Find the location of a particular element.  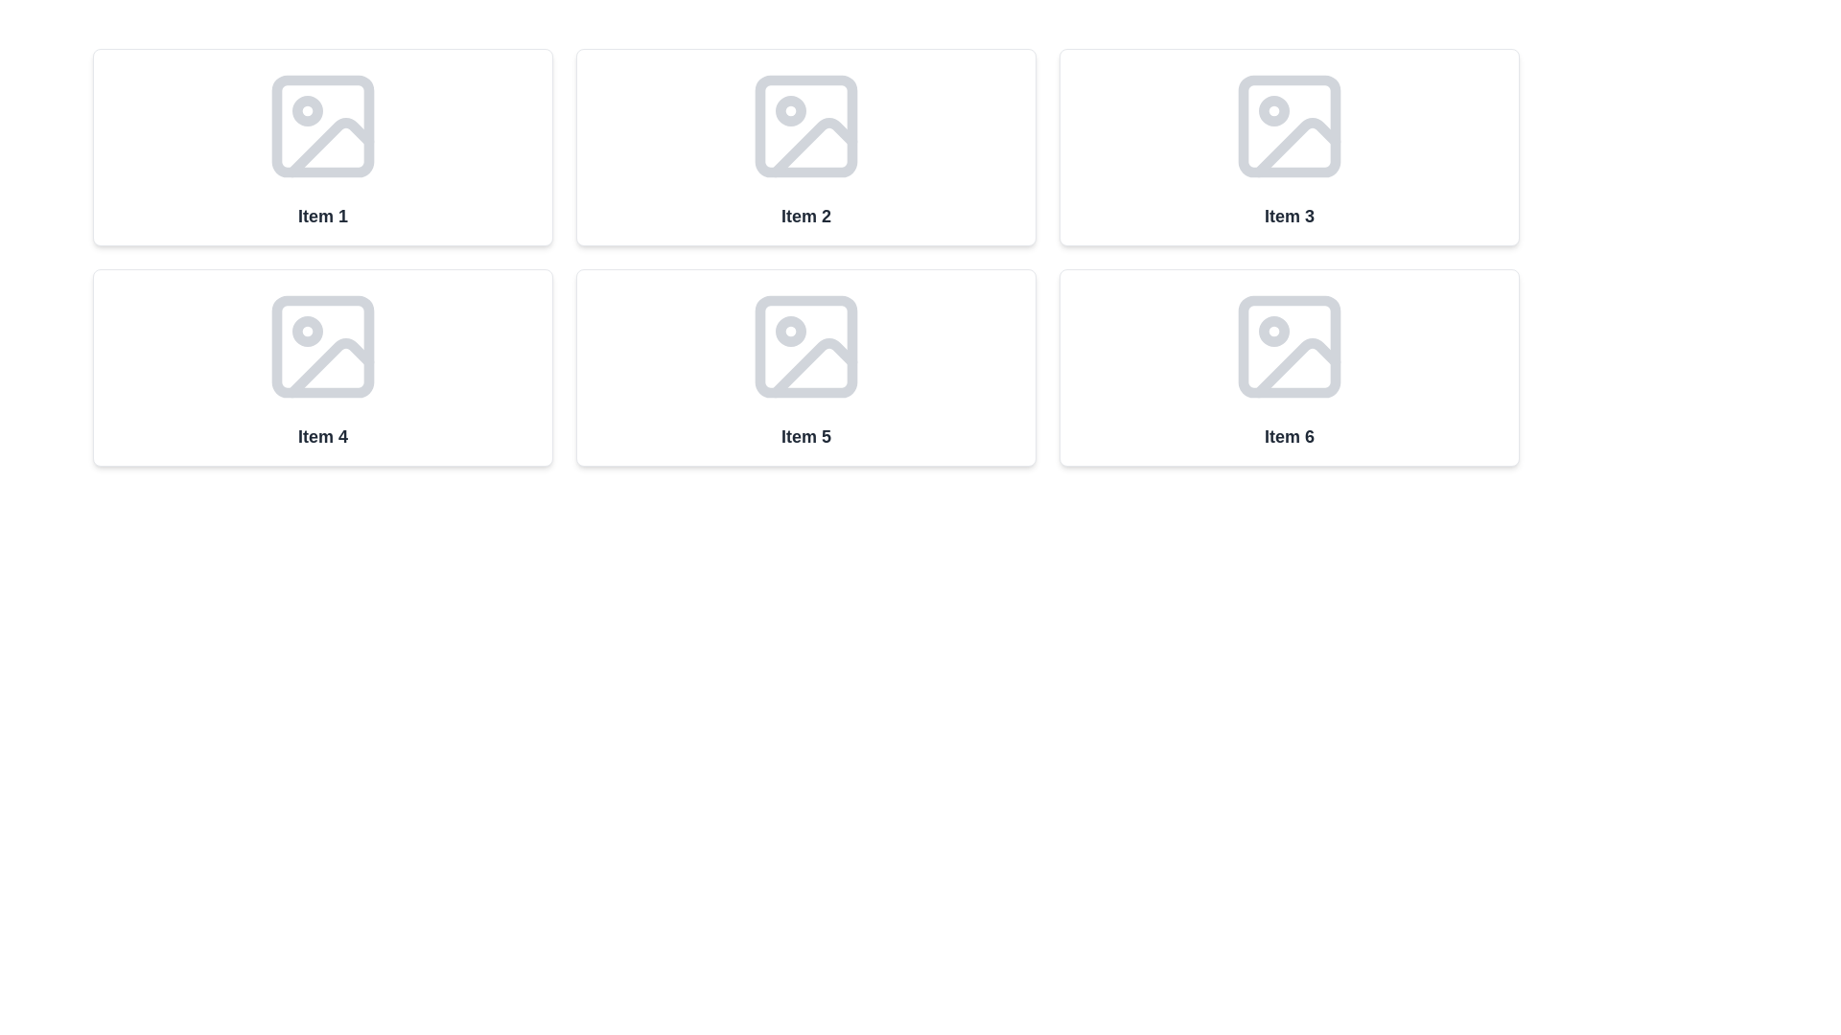

the Icon component, which is a light gray rectangle with rounded corners, centered within a larger graphic icon in the fourth slot of the grid layout is located at coordinates (322, 347).